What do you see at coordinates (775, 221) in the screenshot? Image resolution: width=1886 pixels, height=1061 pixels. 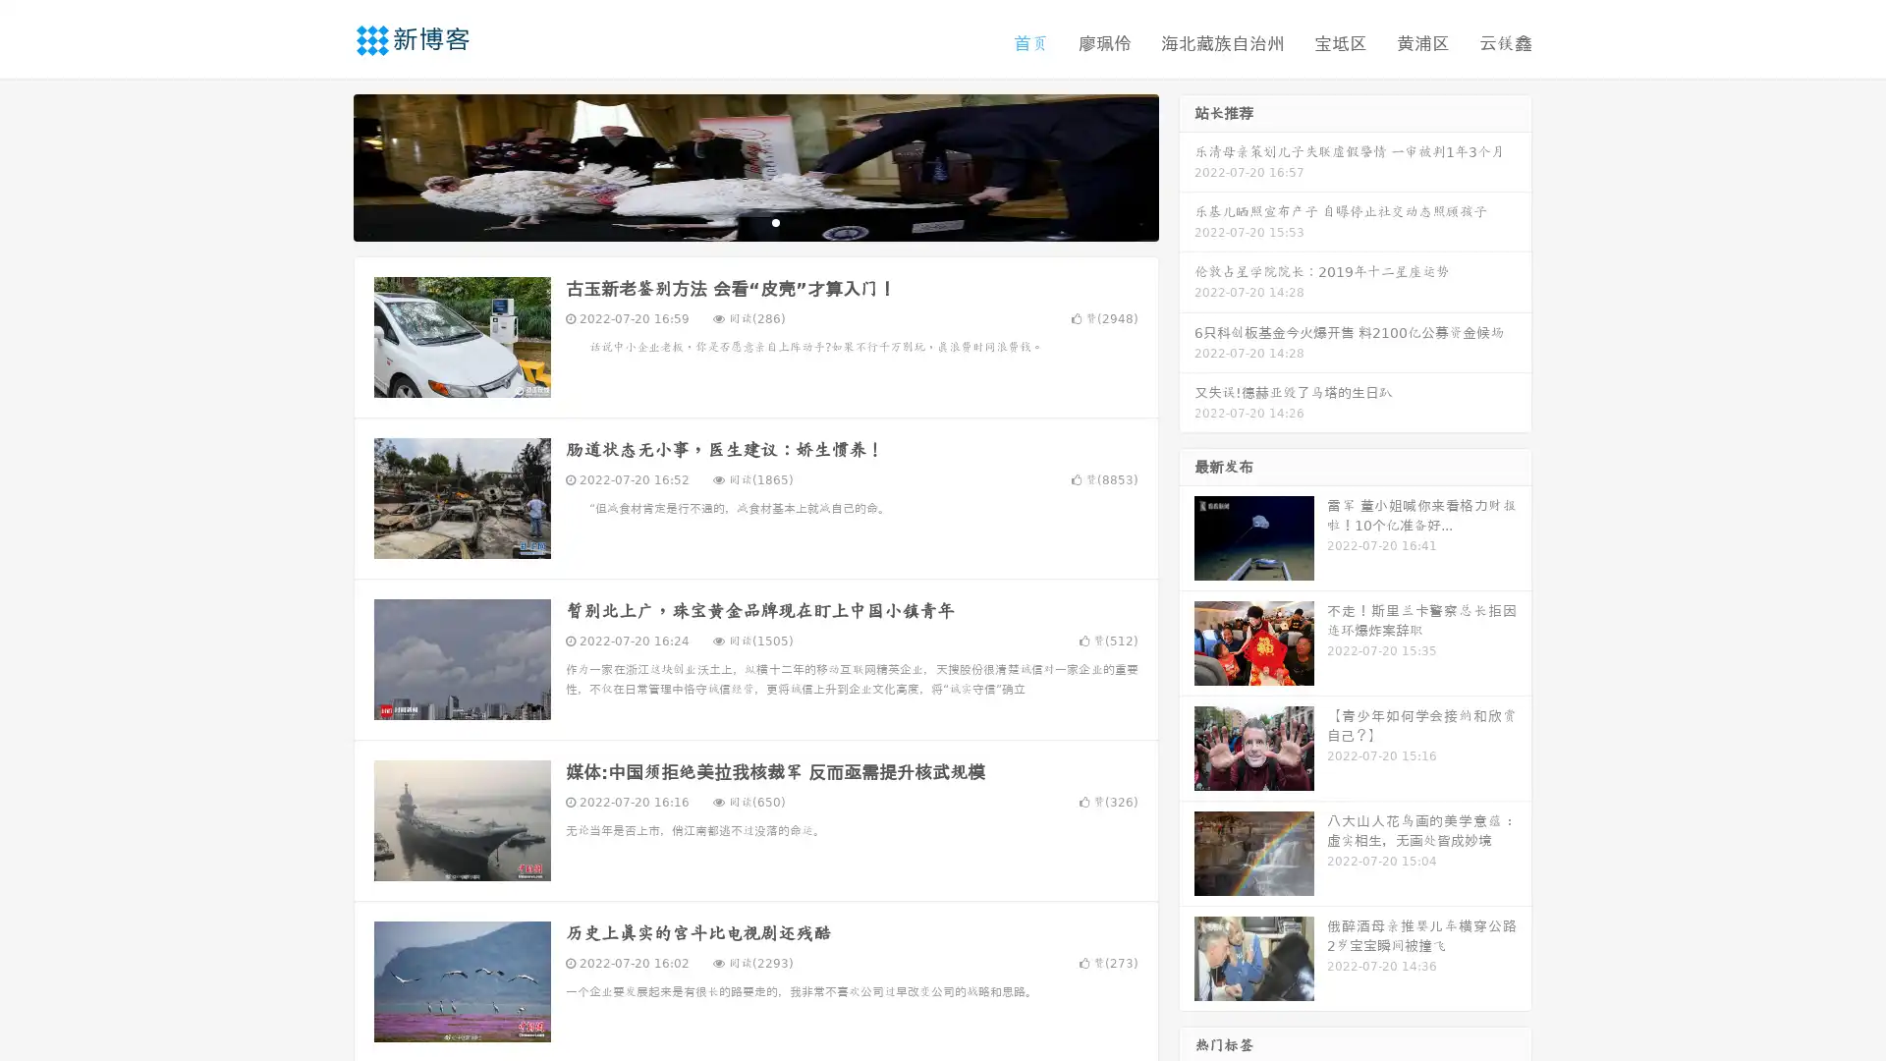 I see `Go to slide 3` at bounding box center [775, 221].